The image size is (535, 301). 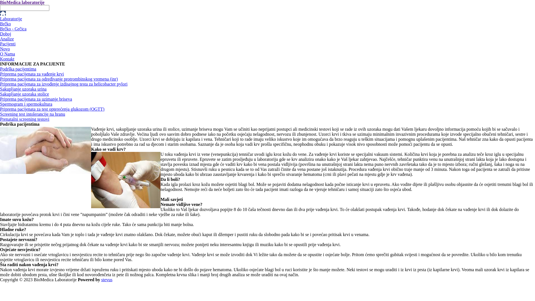 I want to click on 'Doboj', so click(x=0, y=34).